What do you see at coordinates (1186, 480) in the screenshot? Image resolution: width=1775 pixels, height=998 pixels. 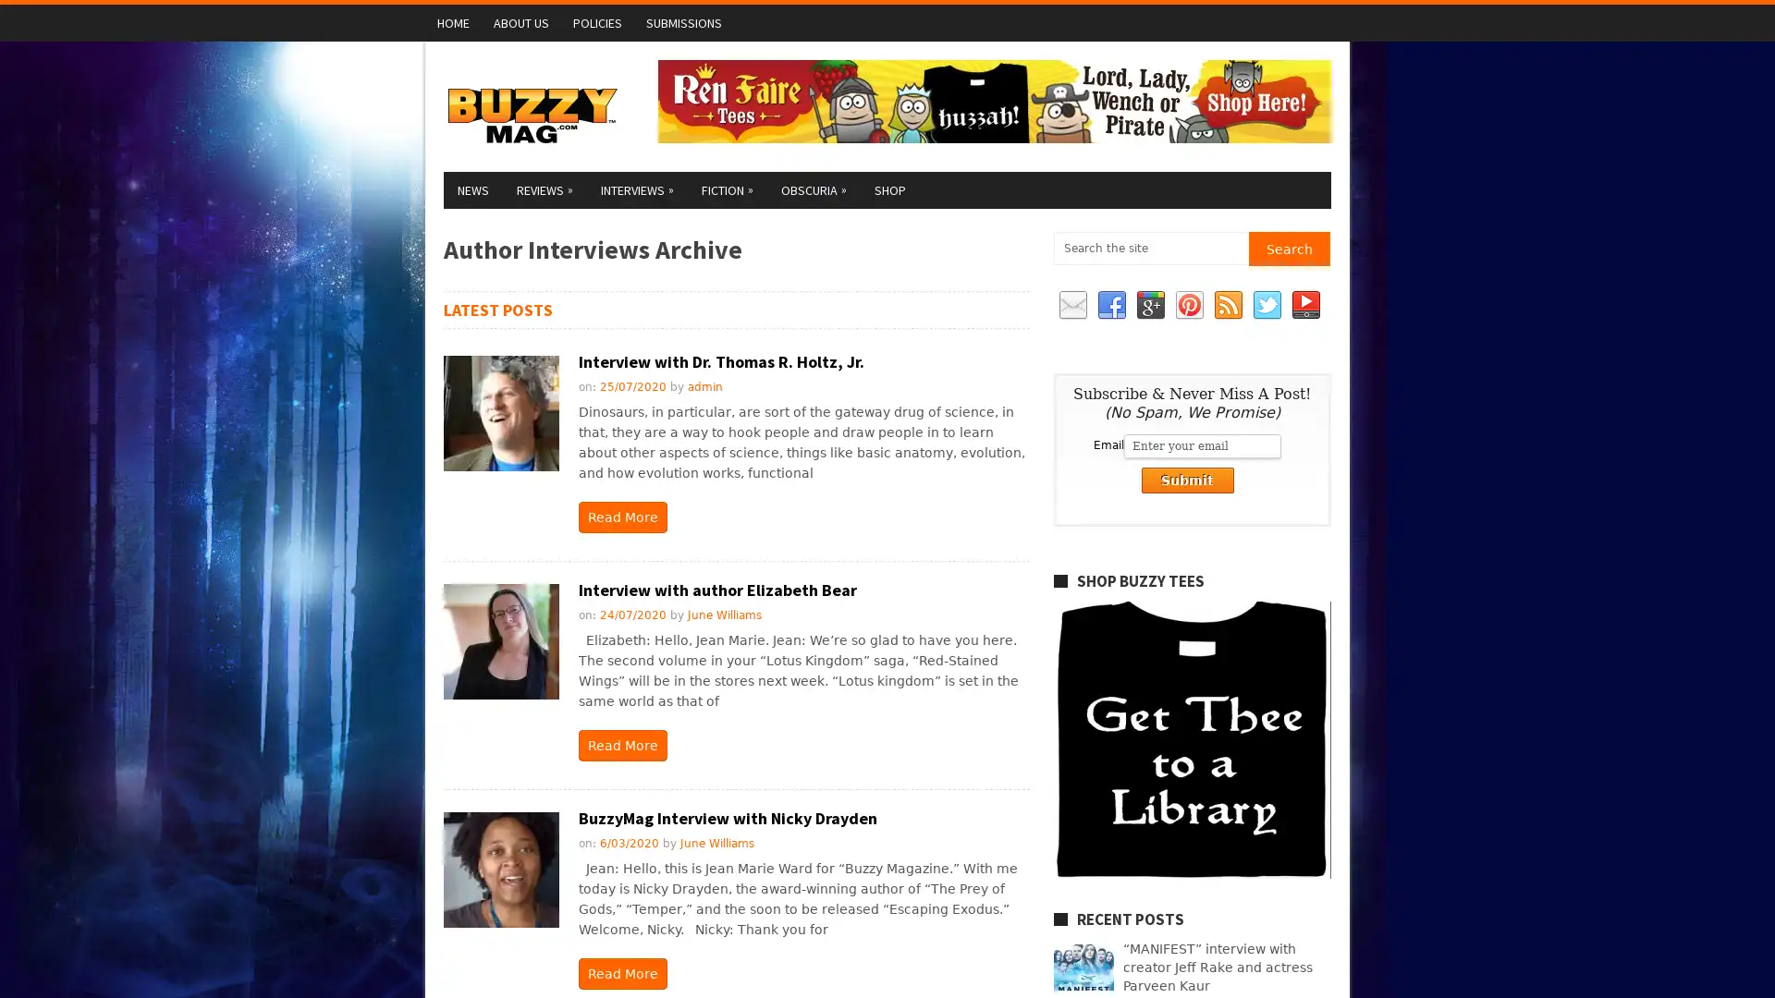 I see `Submit` at bounding box center [1186, 480].